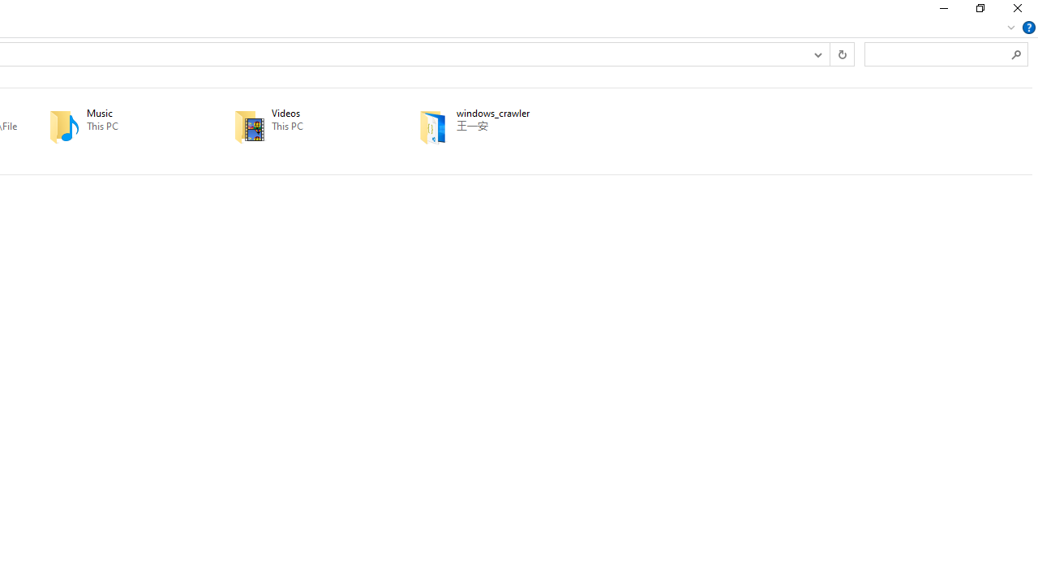 The image size is (1038, 584). What do you see at coordinates (938, 53) in the screenshot?
I see `'Search Box'` at bounding box center [938, 53].